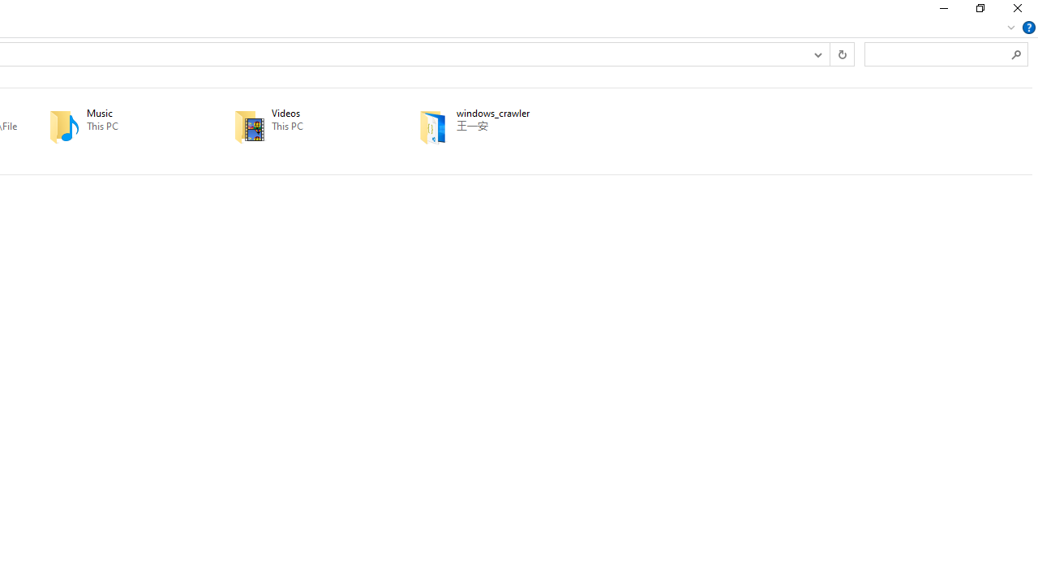 The image size is (1038, 584). What do you see at coordinates (938, 53) in the screenshot?
I see `'Search Box'` at bounding box center [938, 53].